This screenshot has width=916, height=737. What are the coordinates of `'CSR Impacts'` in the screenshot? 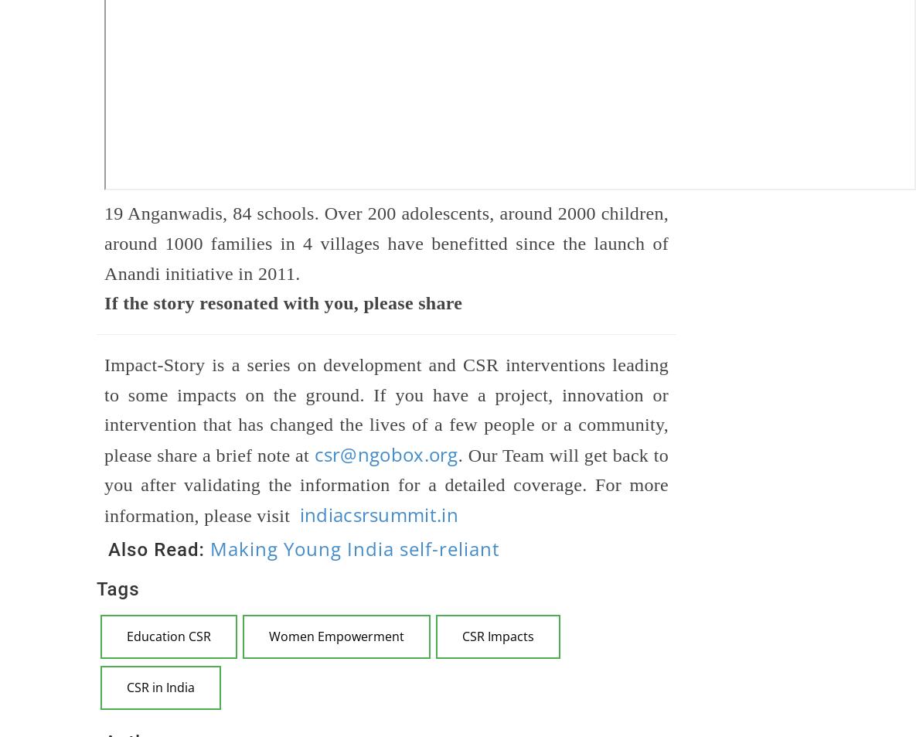 It's located at (461, 636).